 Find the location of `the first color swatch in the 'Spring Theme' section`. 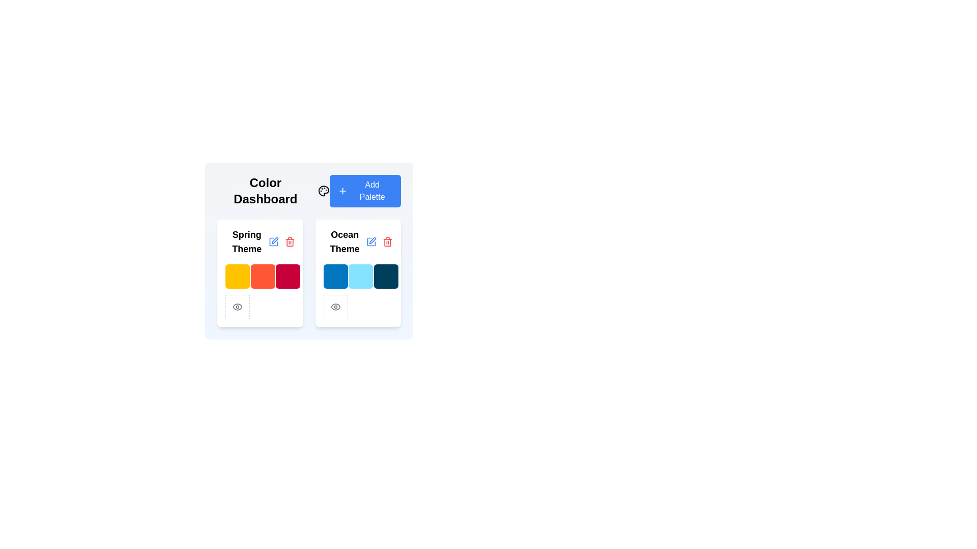

the first color swatch in the 'Spring Theme' section is located at coordinates (237, 276).